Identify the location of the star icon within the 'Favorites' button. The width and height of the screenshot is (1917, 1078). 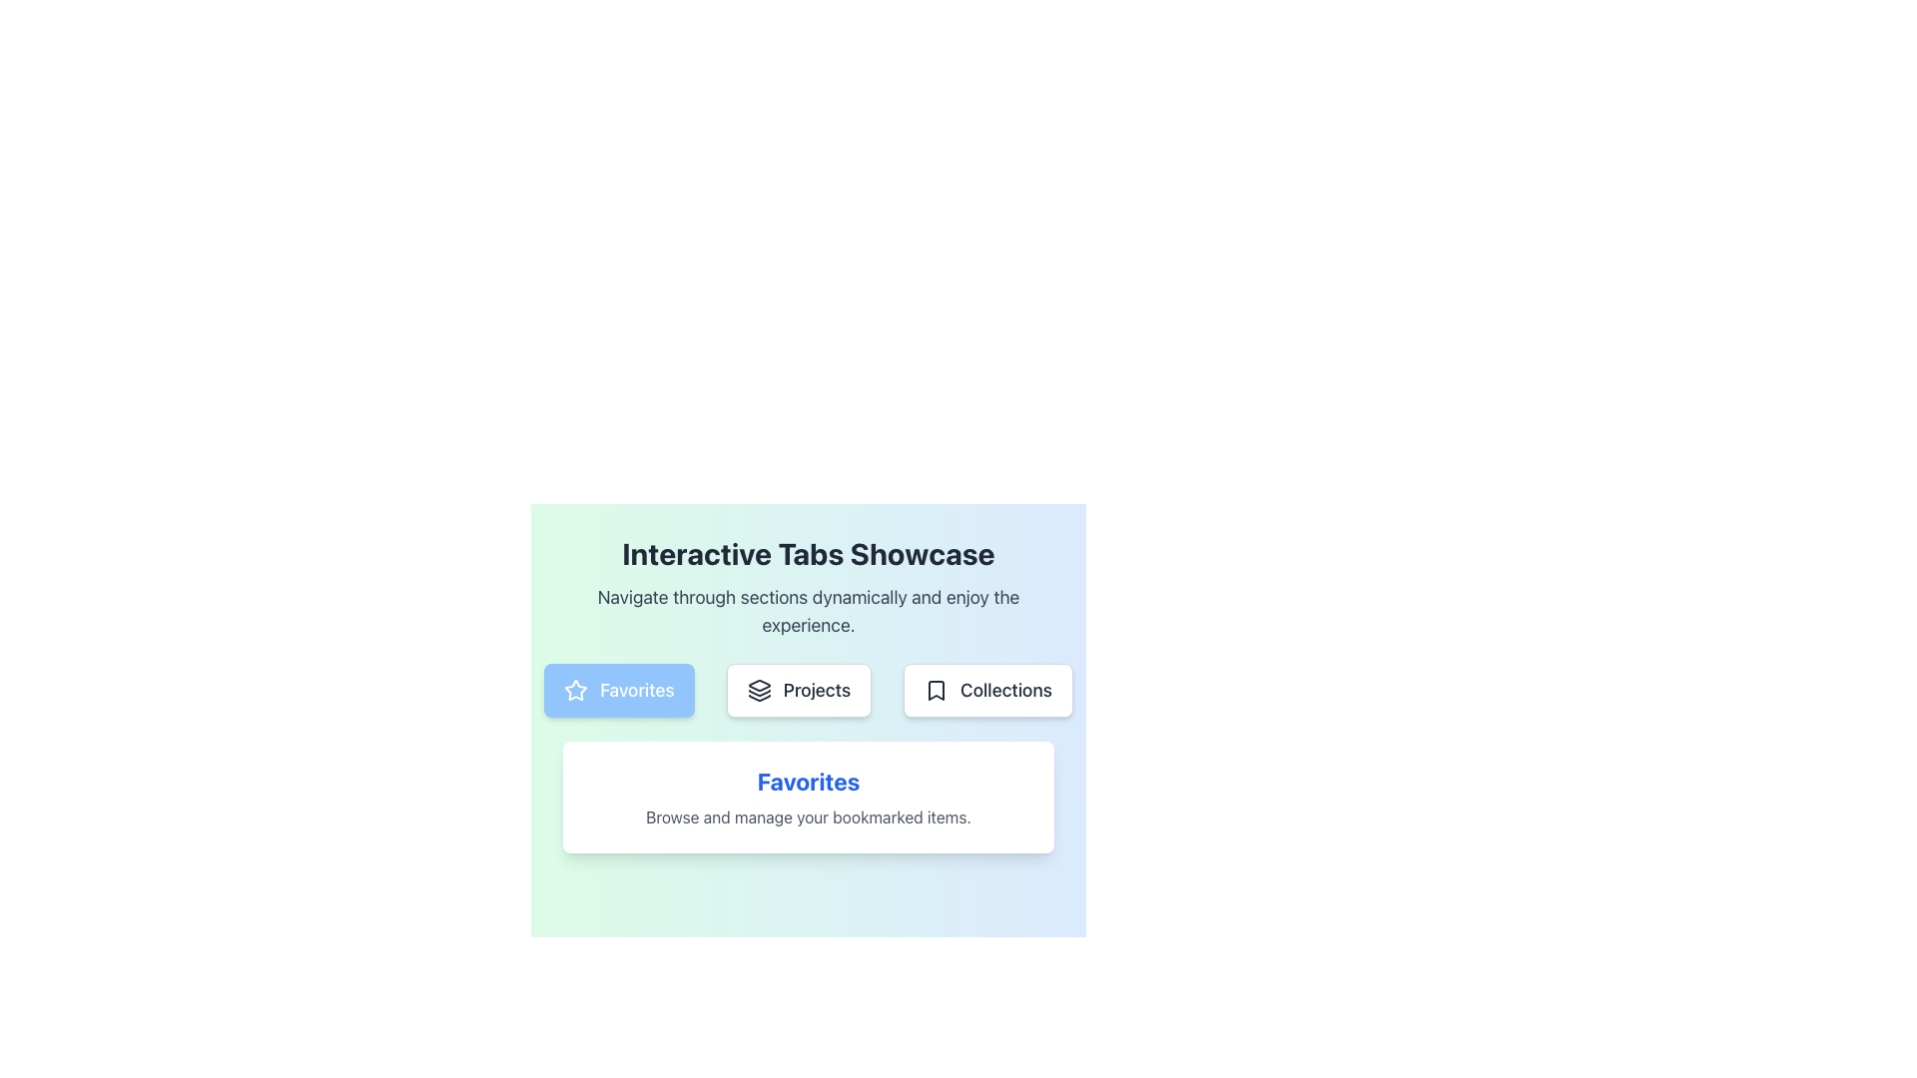
(574, 688).